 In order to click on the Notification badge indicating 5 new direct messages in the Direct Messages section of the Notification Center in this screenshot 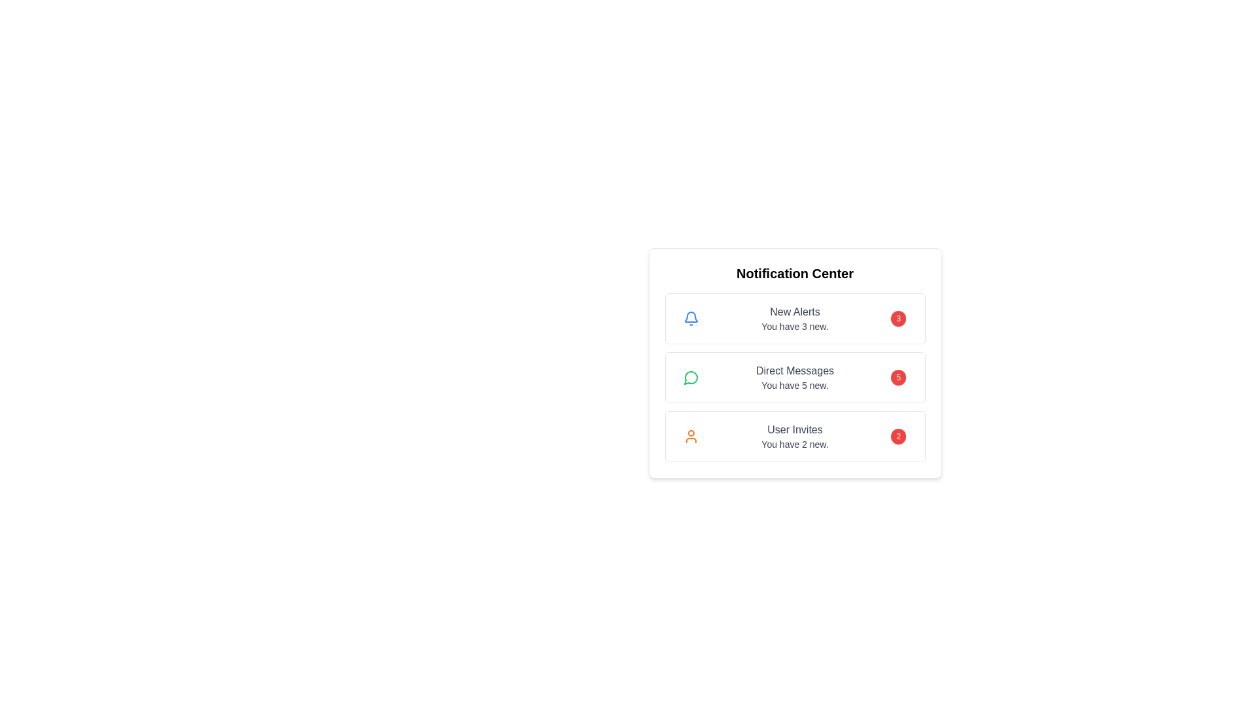, I will do `click(898, 378)`.